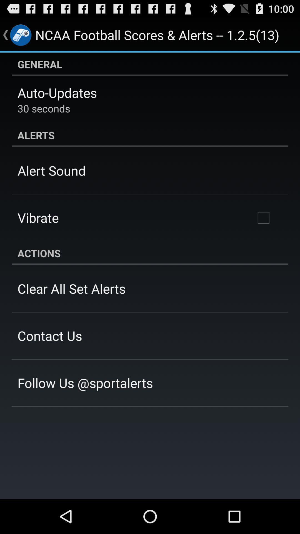  Describe the element at coordinates (57, 93) in the screenshot. I see `app above 30 seconds` at that location.